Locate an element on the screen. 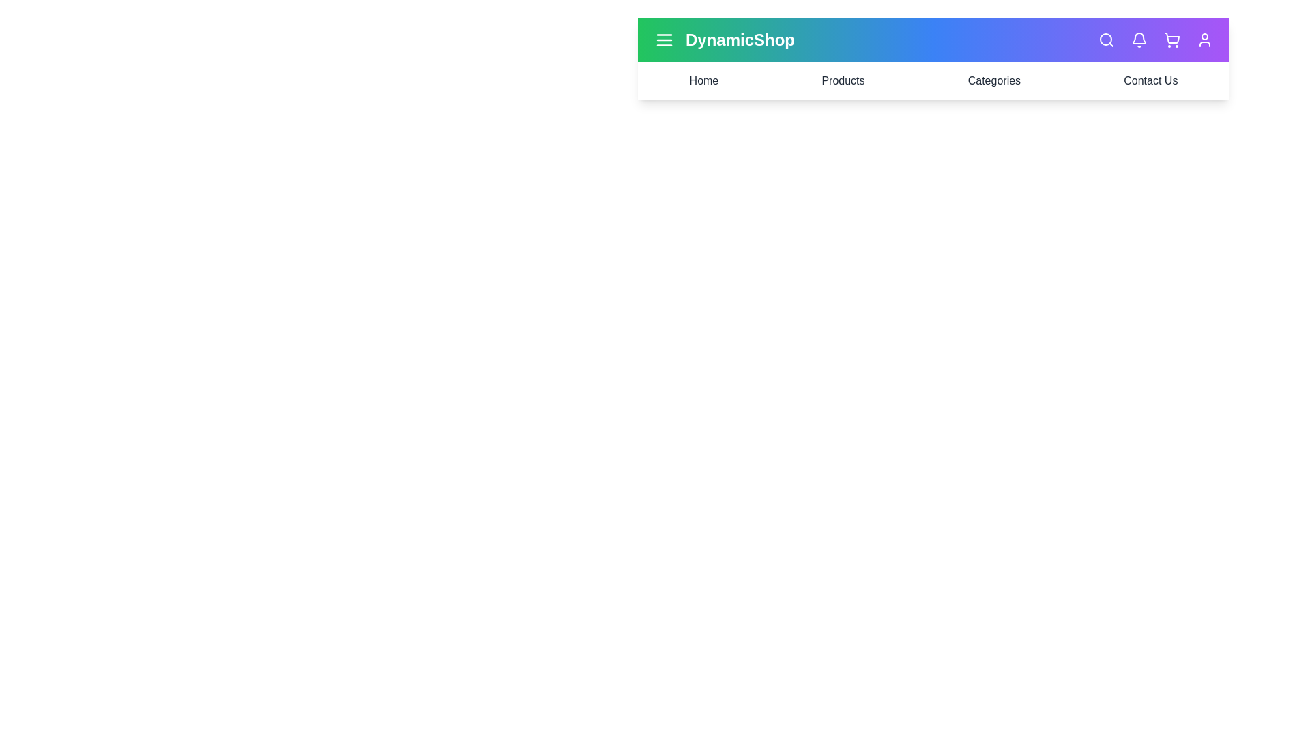 Image resolution: width=1310 pixels, height=736 pixels. the center of the title text 'DynamicShop' to select it is located at coordinates (739, 39).